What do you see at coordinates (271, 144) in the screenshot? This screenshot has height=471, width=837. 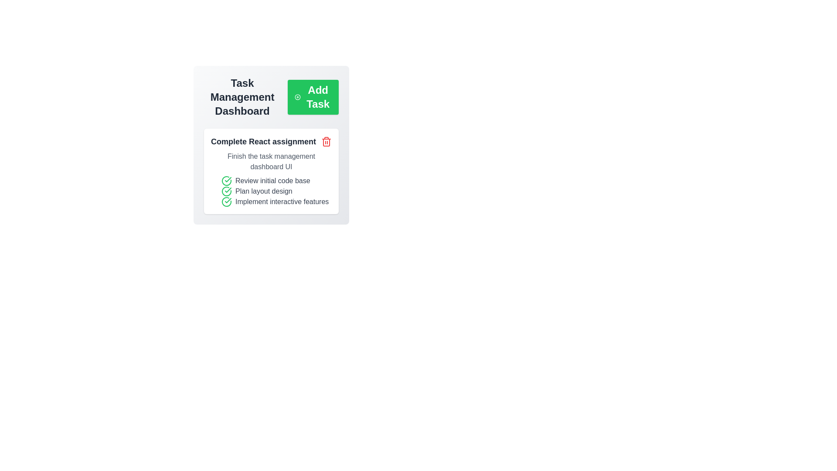 I see `to select the Task Card Panel located centrally in the interface, which displays task details, a delete option, and status information` at bounding box center [271, 144].